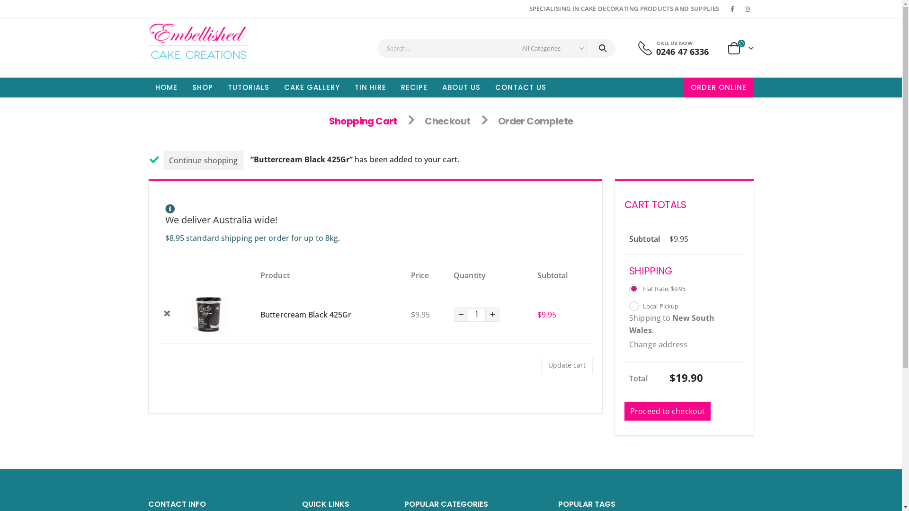 The image size is (909, 511). Describe the element at coordinates (535, 120) in the screenshot. I see `'Order Complete'` at that location.